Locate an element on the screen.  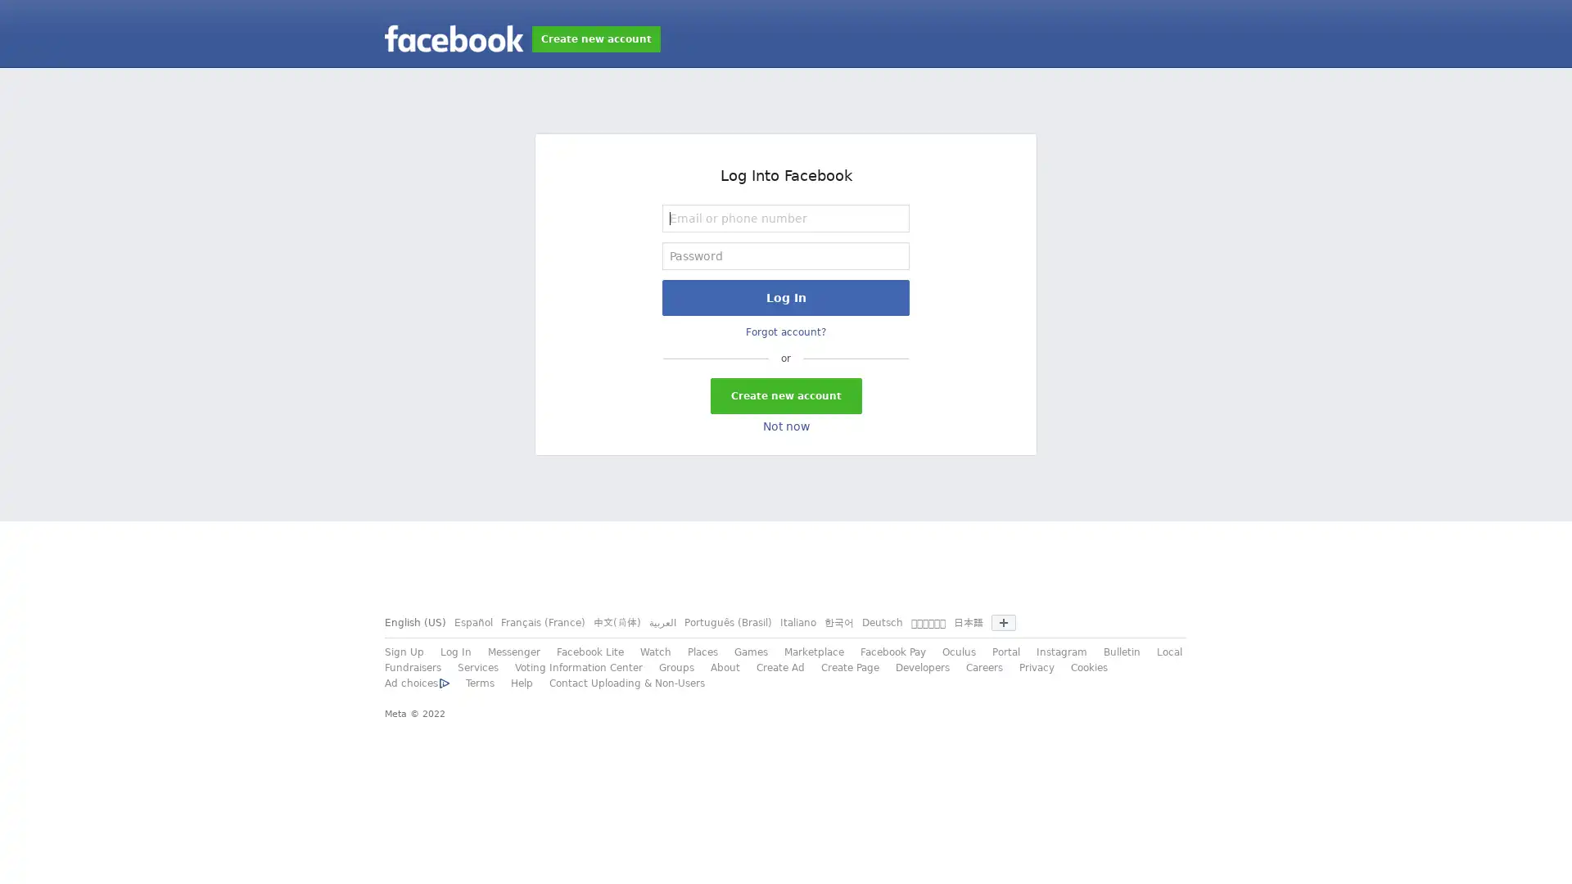
Show more languages is located at coordinates (1002, 622).